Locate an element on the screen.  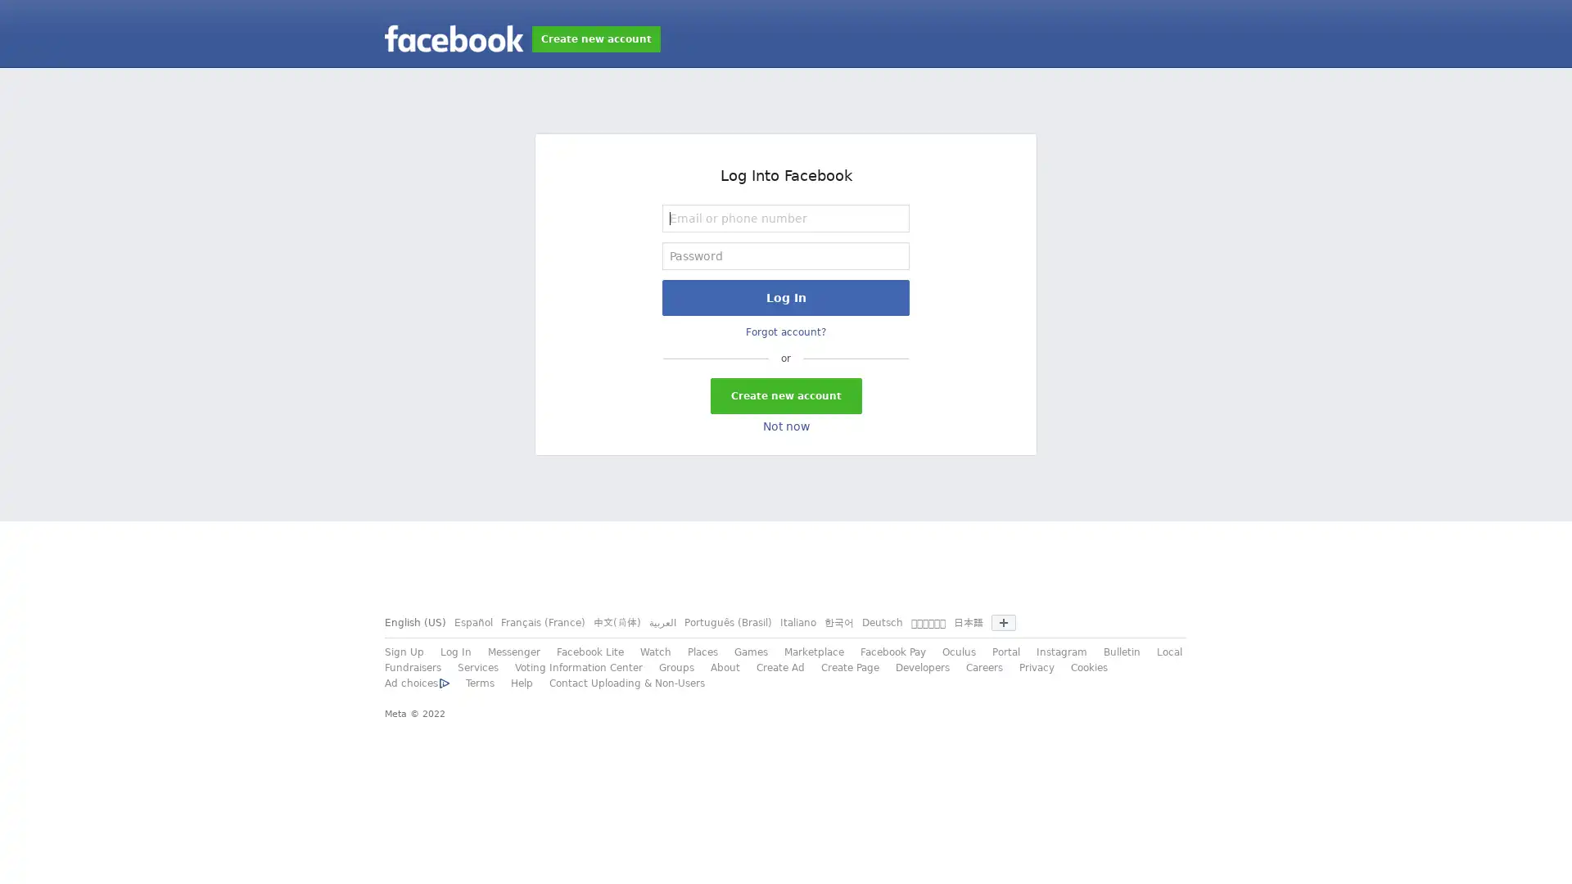
Show more languages is located at coordinates (1002, 622).